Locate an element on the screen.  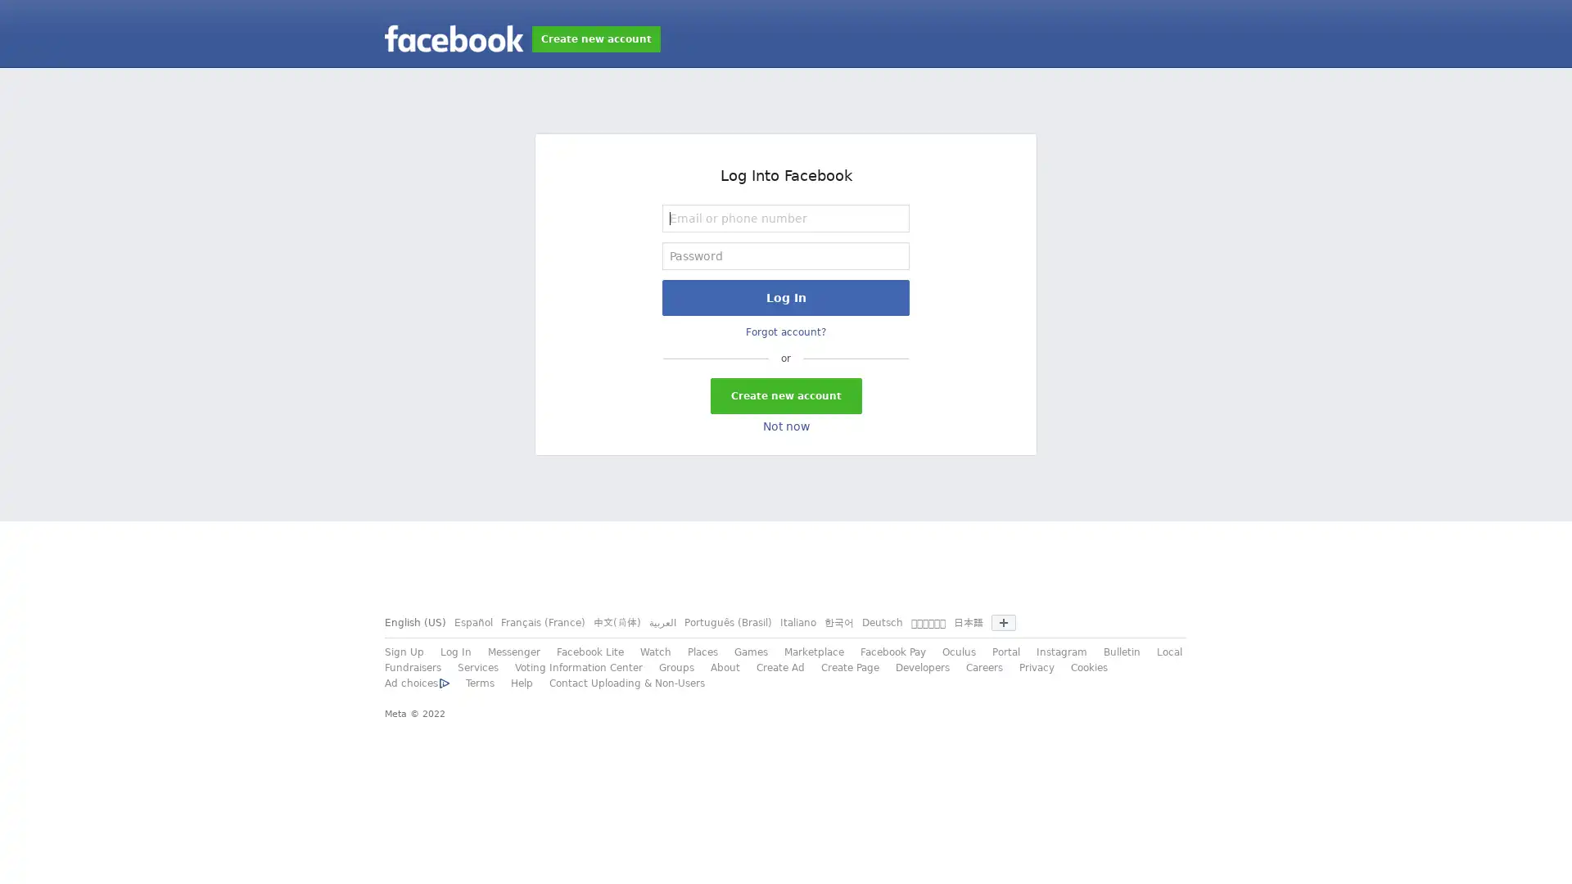
Show more languages is located at coordinates (1002, 622).